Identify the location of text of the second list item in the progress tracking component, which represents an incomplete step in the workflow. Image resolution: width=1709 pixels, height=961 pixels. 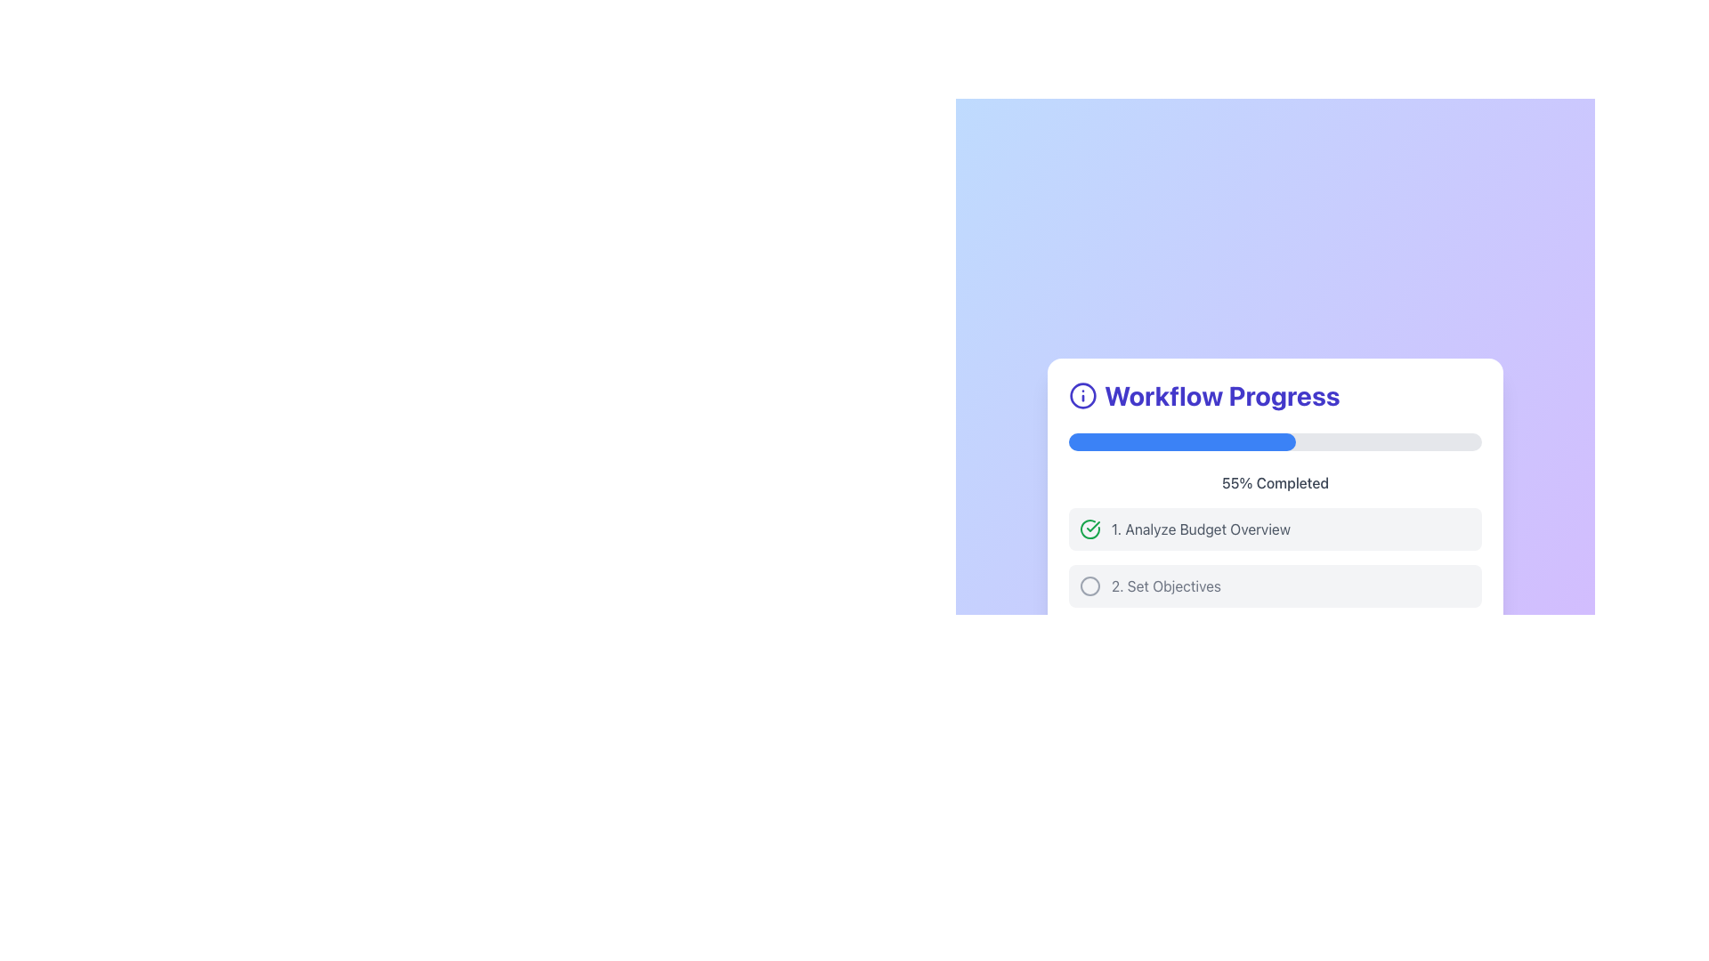
(1275, 579).